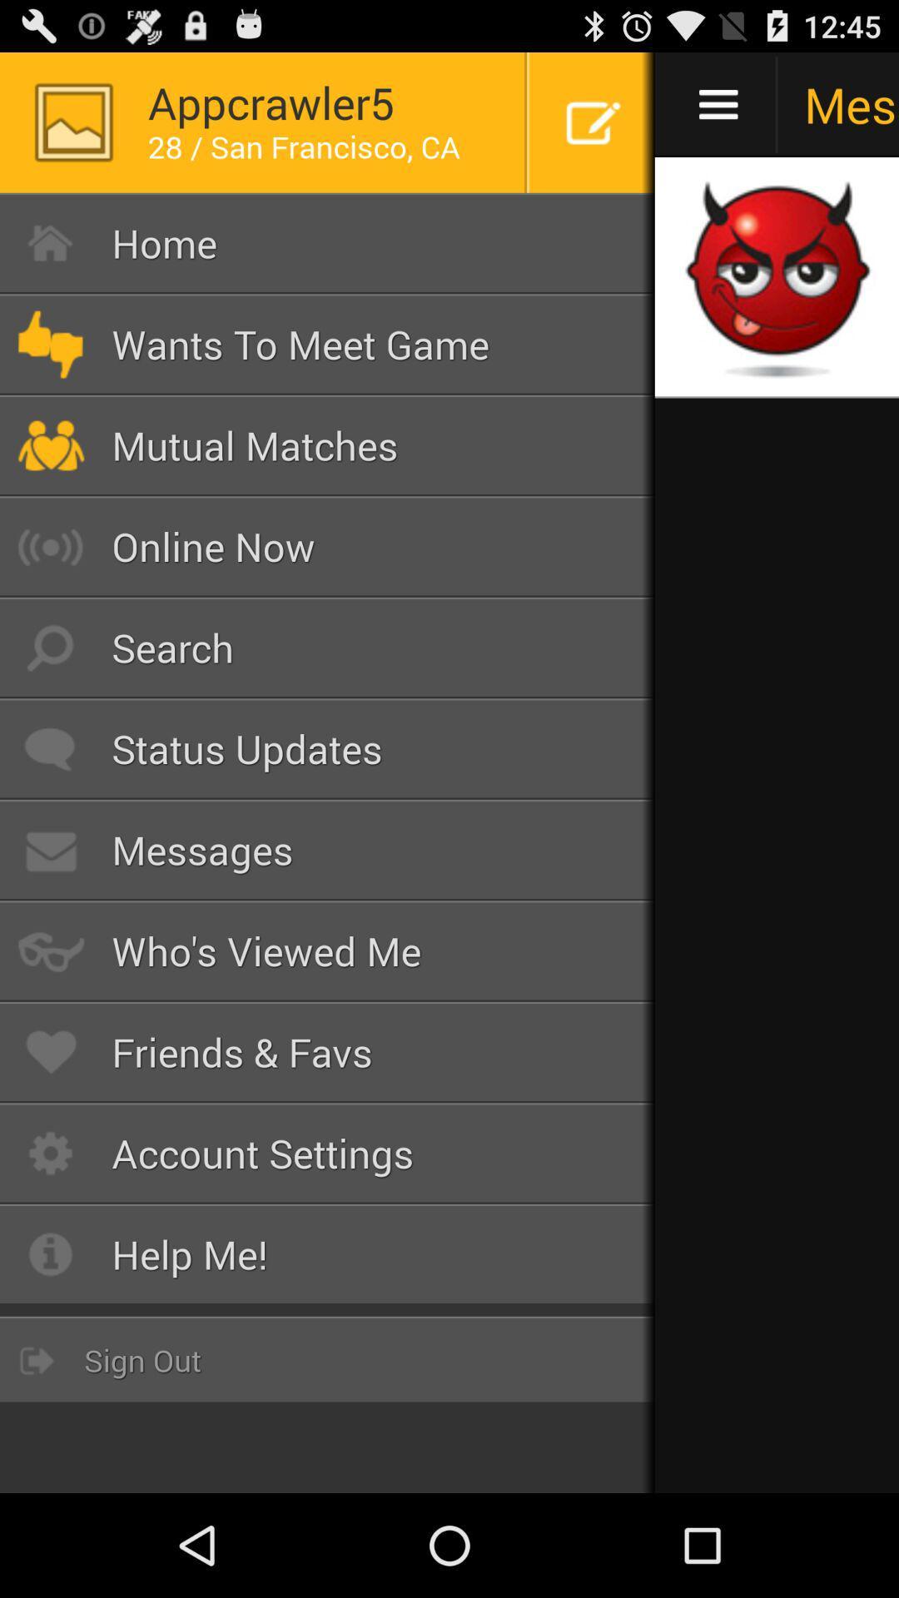 This screenshot has width=899, height=1598. Describe the element at coordinates (327, 748) in the screenshot. I see `the status updates` at that location.